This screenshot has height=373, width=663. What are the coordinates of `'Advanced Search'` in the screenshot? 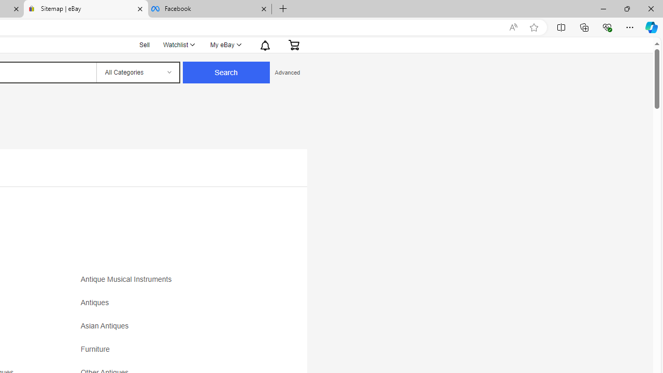 It's located at (287, 72).